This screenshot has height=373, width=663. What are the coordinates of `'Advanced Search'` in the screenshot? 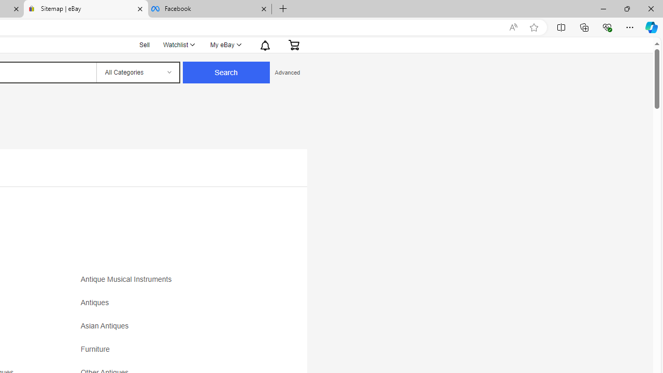 It's located at (287, 72).